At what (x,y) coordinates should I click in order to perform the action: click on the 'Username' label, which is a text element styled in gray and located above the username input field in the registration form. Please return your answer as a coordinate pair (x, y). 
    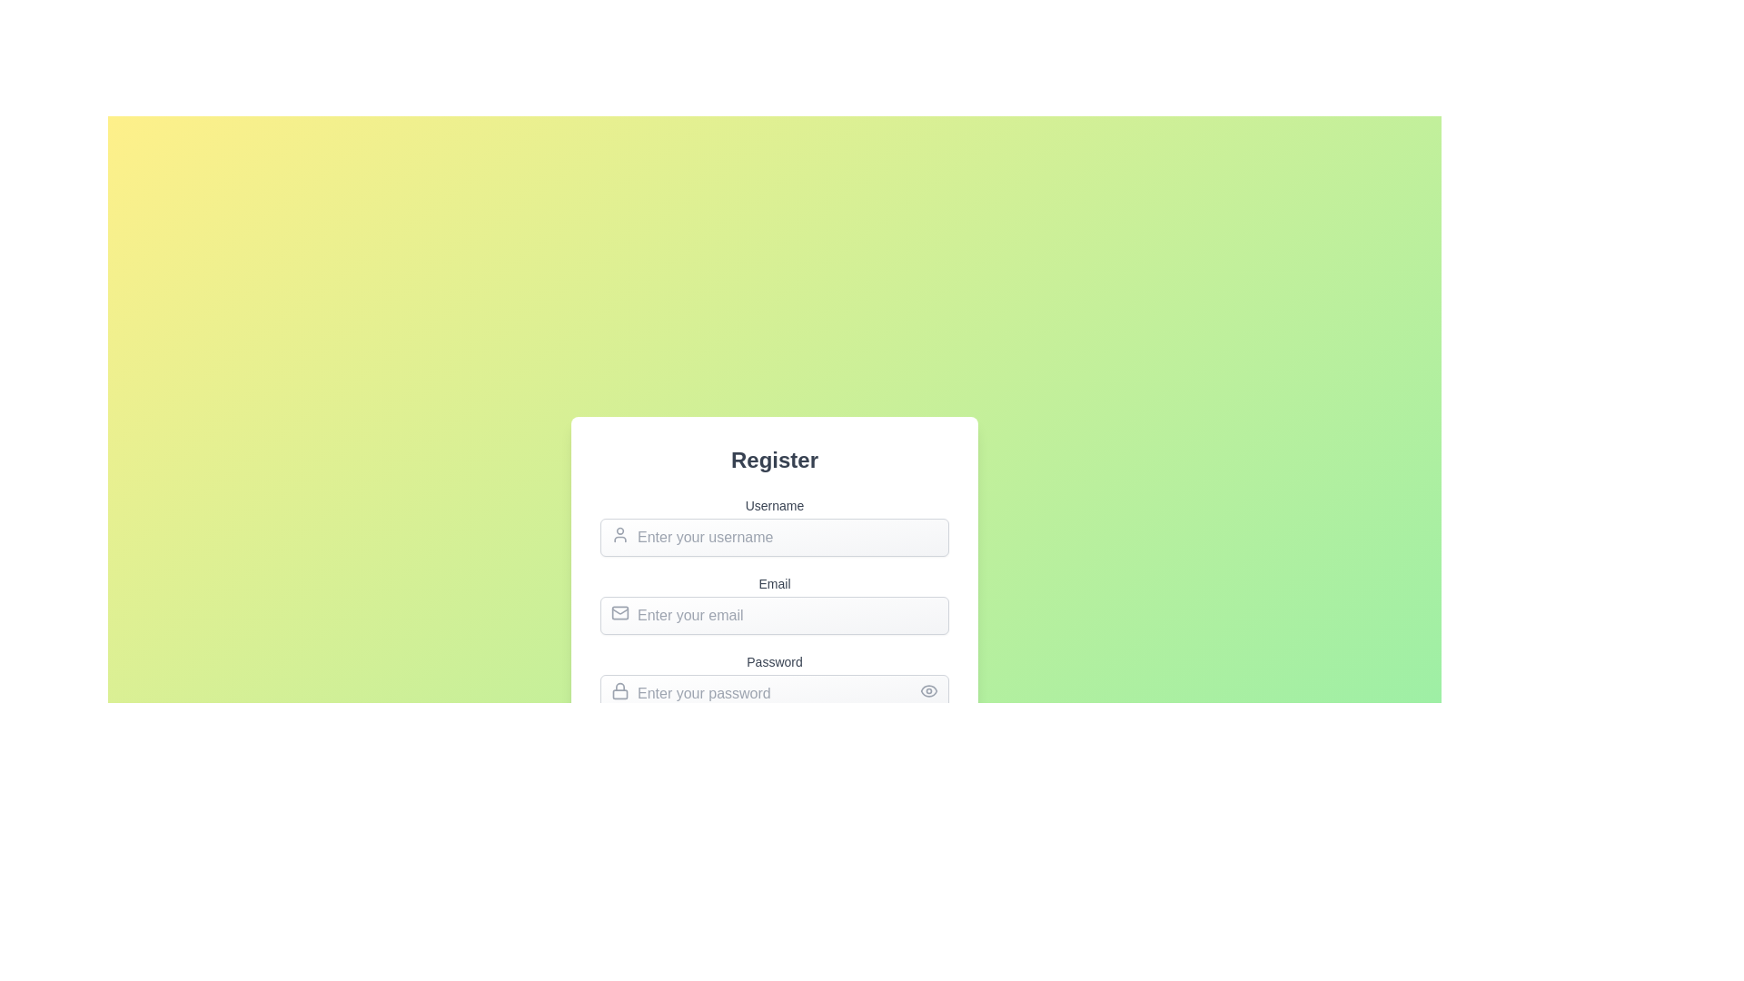
    Looking at the image, I should click on (775, 505).